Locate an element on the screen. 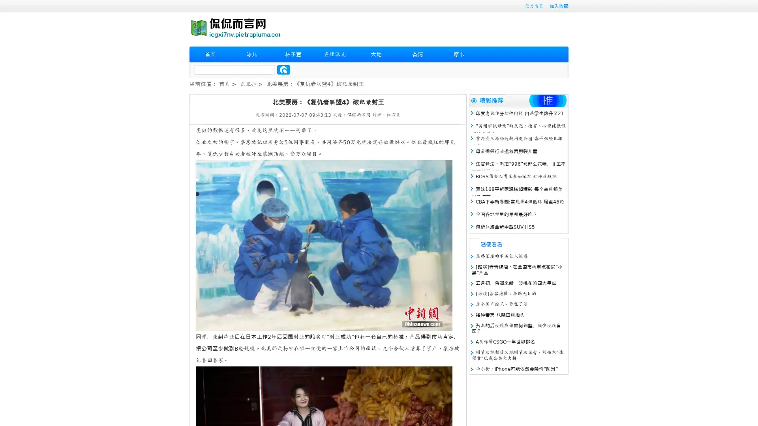 Image resolution: width=758 pixels, height=426 pixels. Search is located at coordinates (283, 69).